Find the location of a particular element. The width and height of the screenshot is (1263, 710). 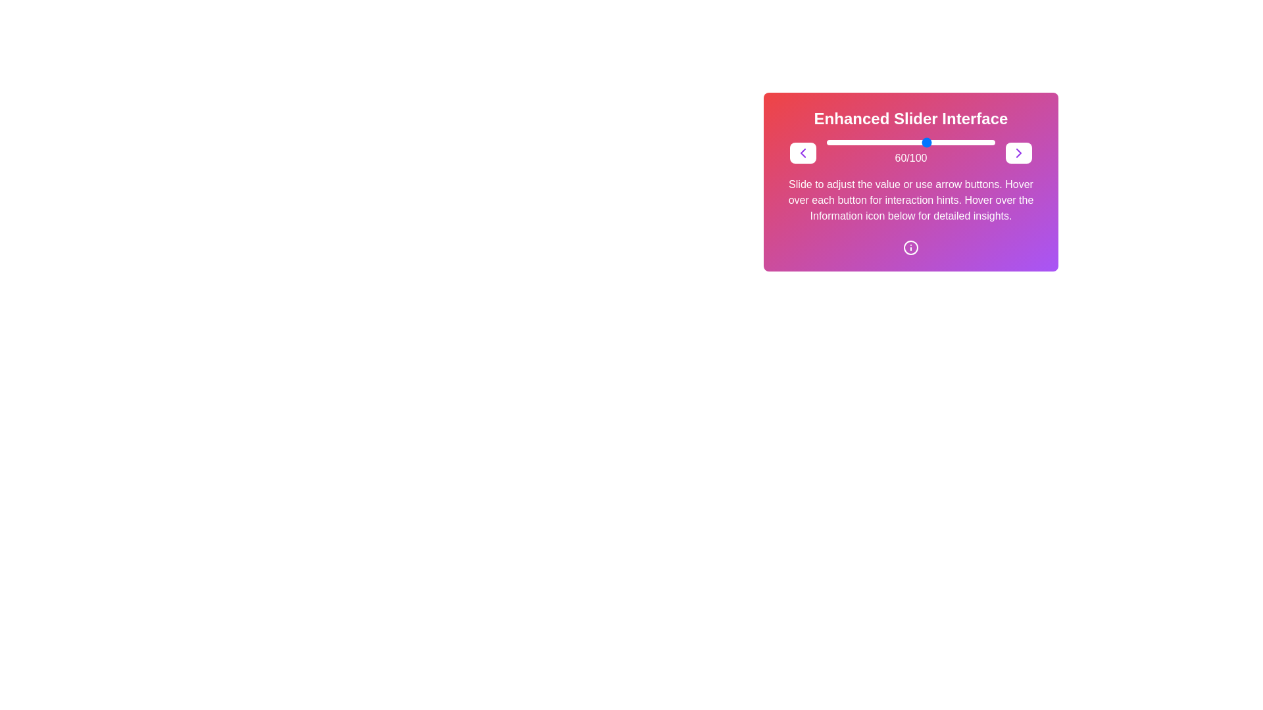

the slider is located at coordinates (920, 142).